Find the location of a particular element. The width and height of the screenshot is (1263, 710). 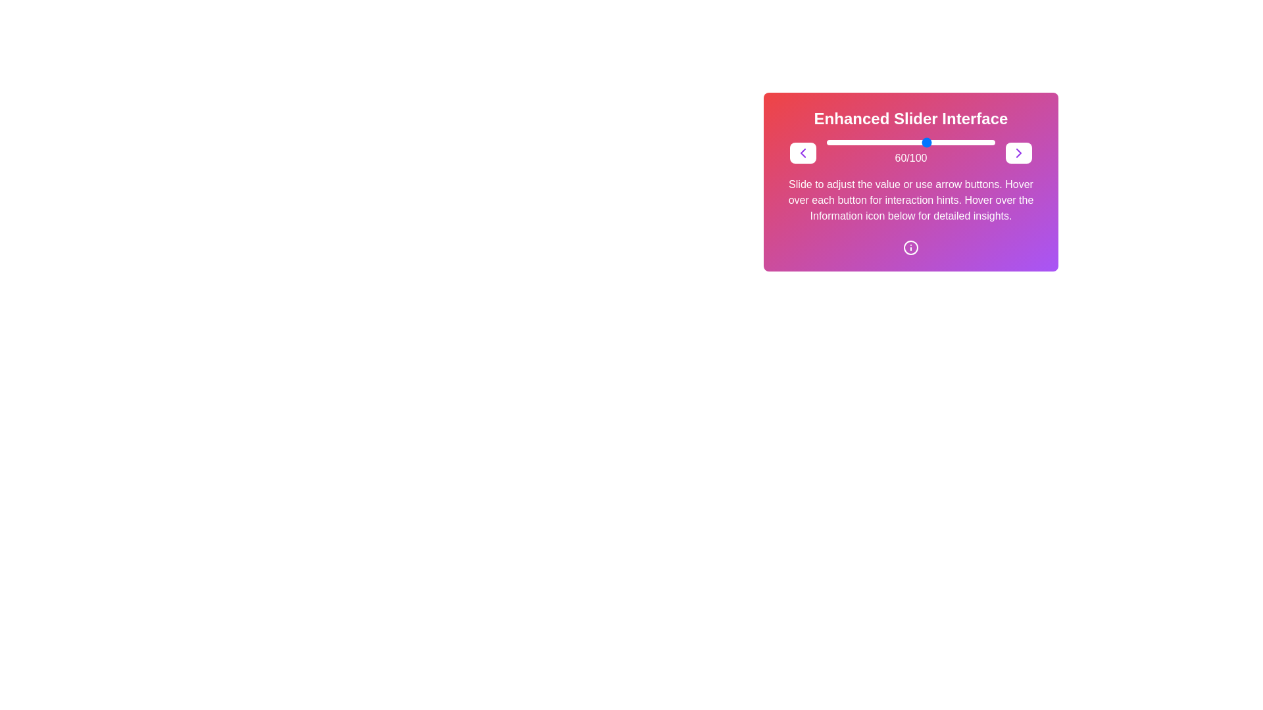

the slider is located at coordinates (920, 142).